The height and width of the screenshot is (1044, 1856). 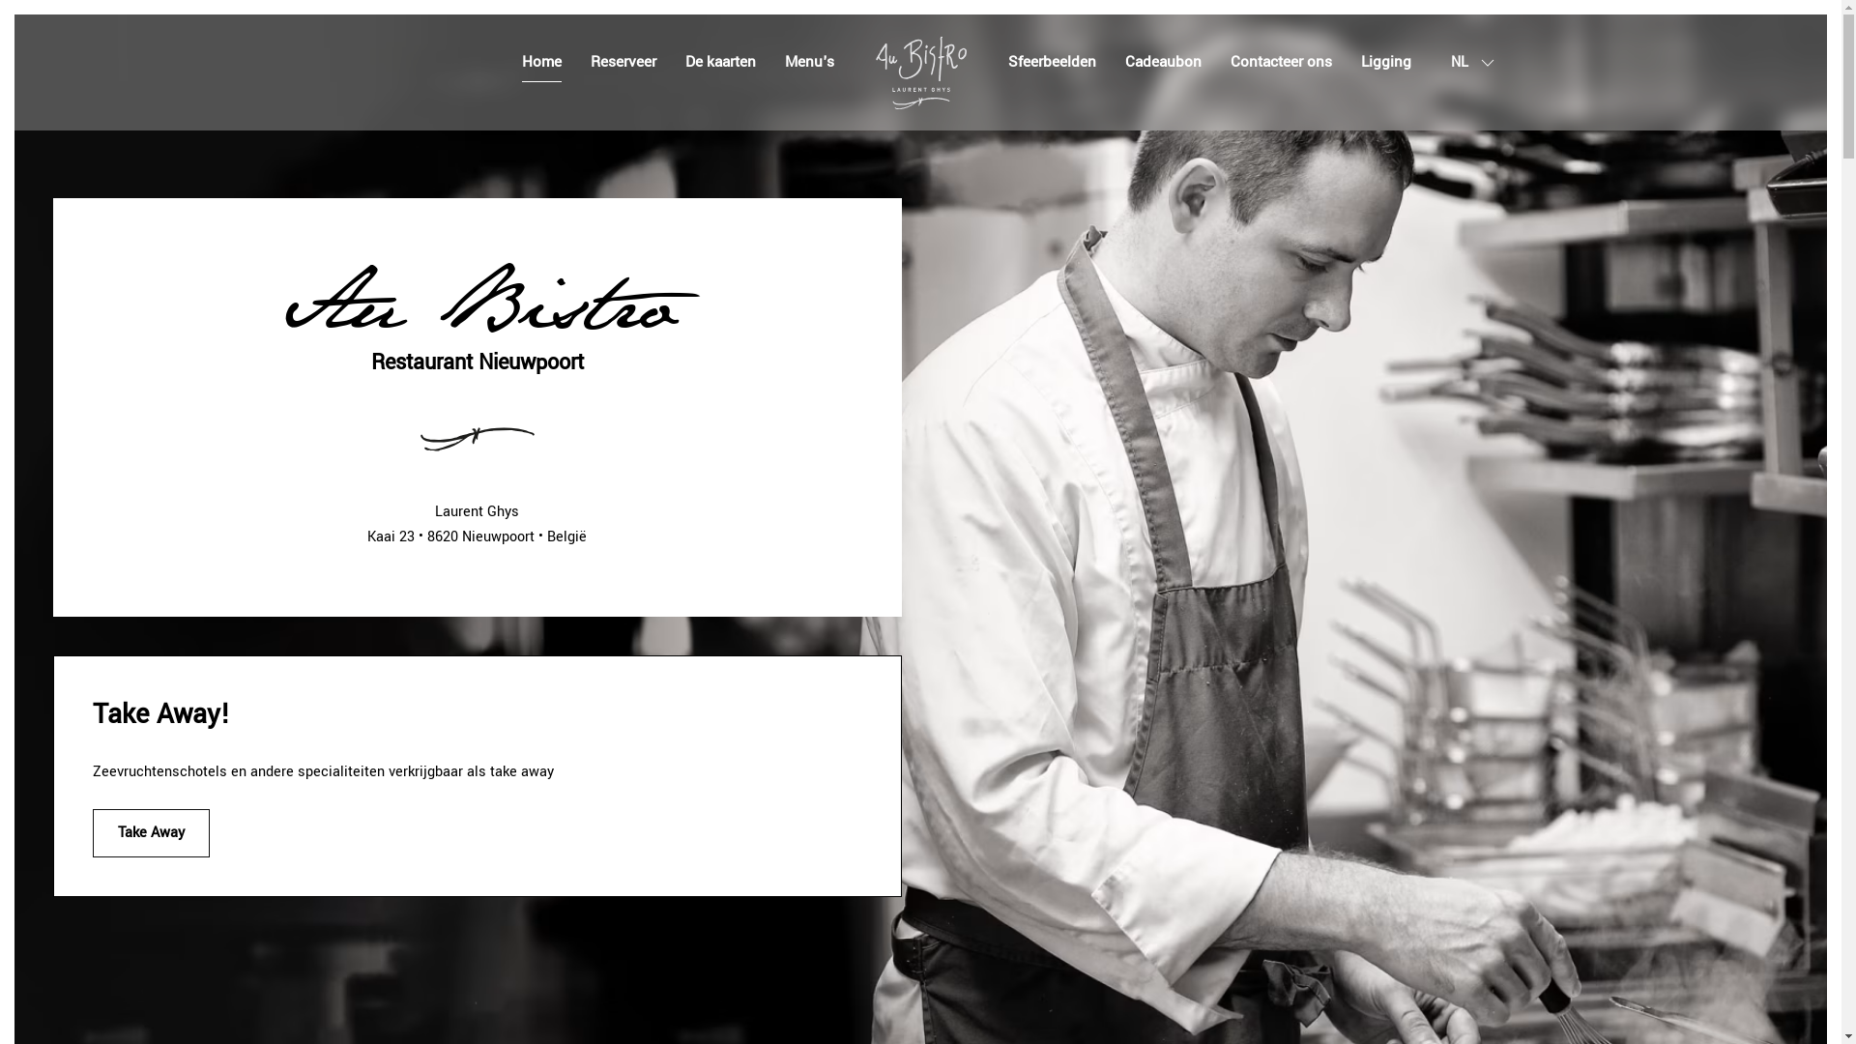 I want to click on 'Take Away', so click(x=92, y=831).